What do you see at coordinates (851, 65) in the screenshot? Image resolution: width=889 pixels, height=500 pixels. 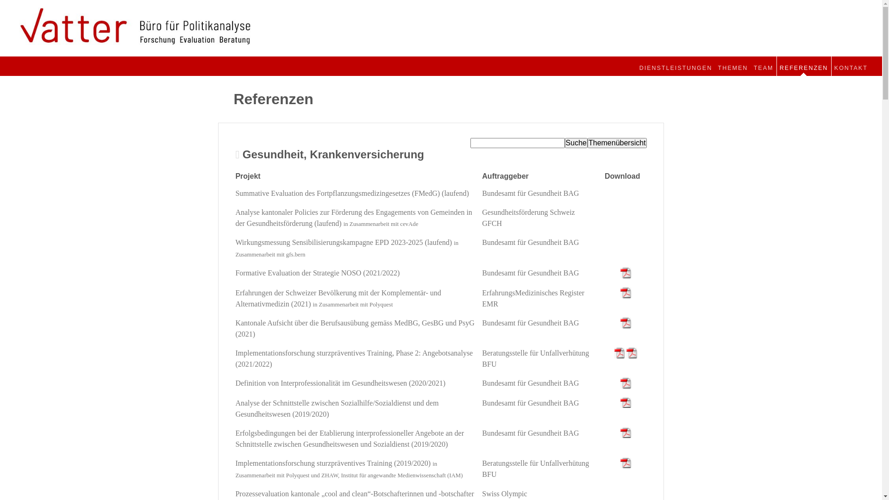 I see `'KONTAKT'` at bounding box center [851, 65].